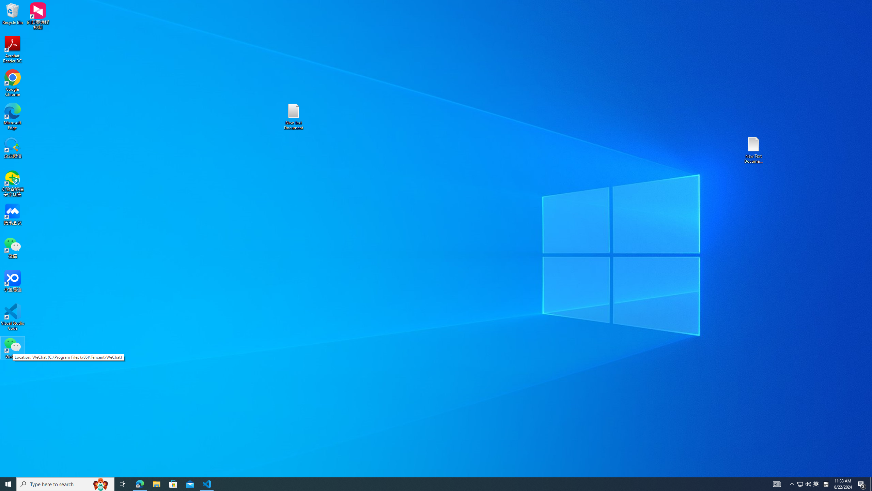  What do you see at coordinates (65, 483) in the screenshot?
I see `'Type here to search'` at bounding box center [65, 483].